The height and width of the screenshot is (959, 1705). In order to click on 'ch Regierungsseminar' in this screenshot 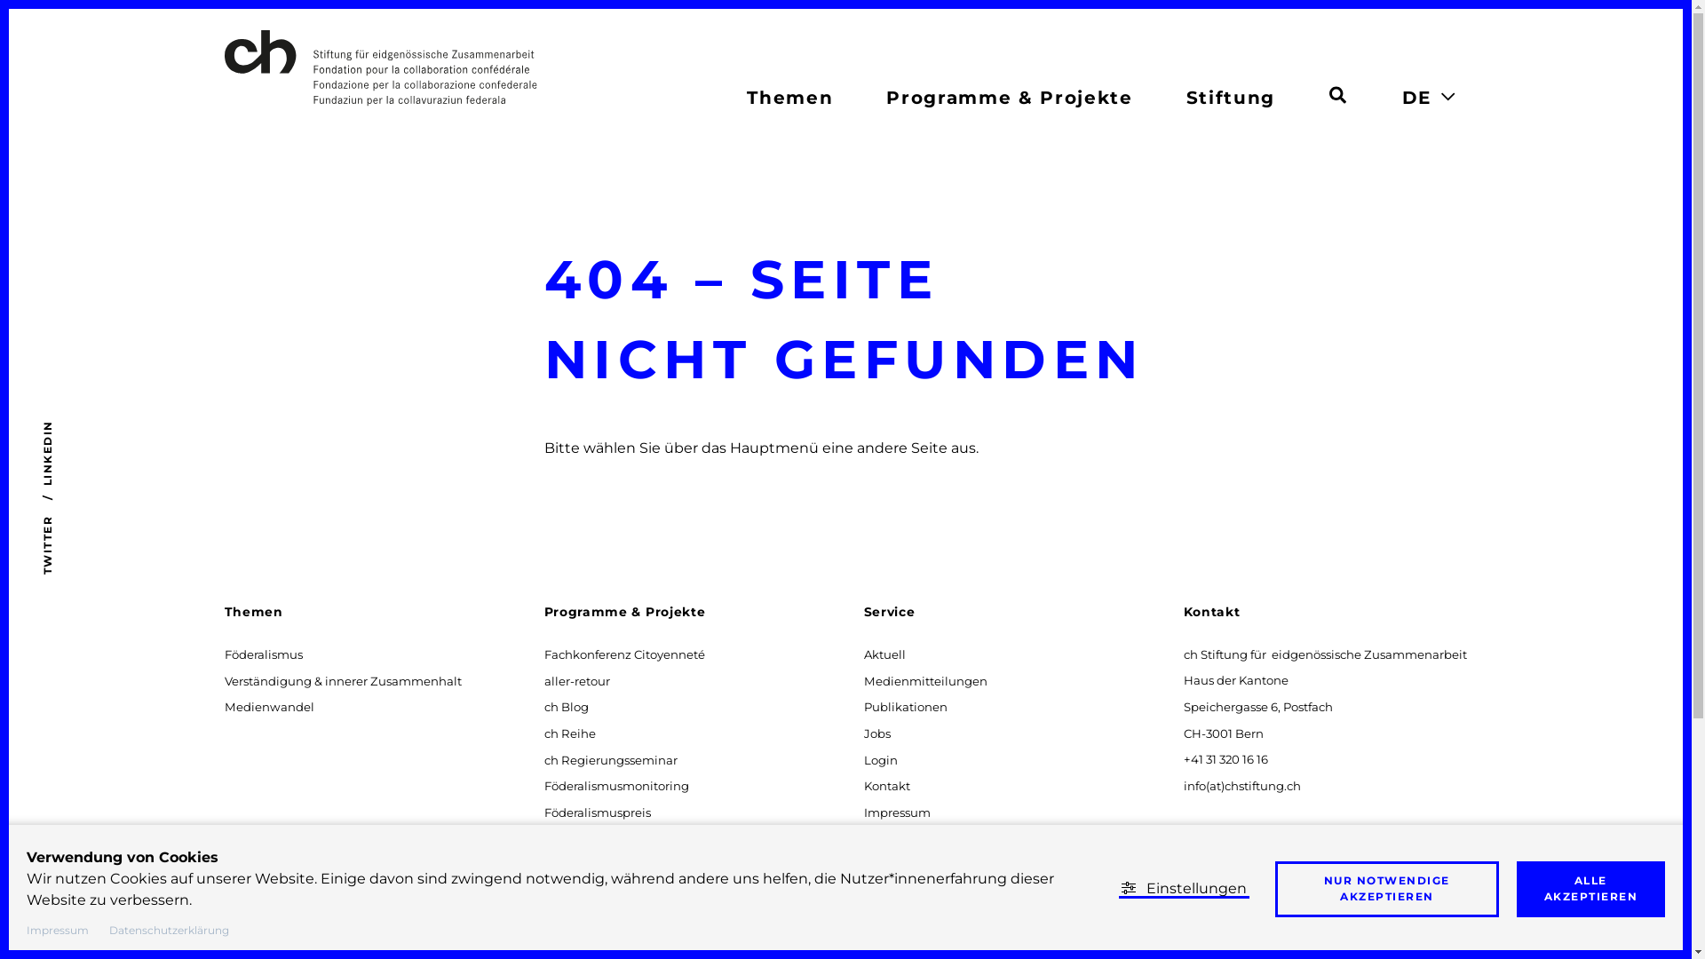, I will do `click(610, 759)`.